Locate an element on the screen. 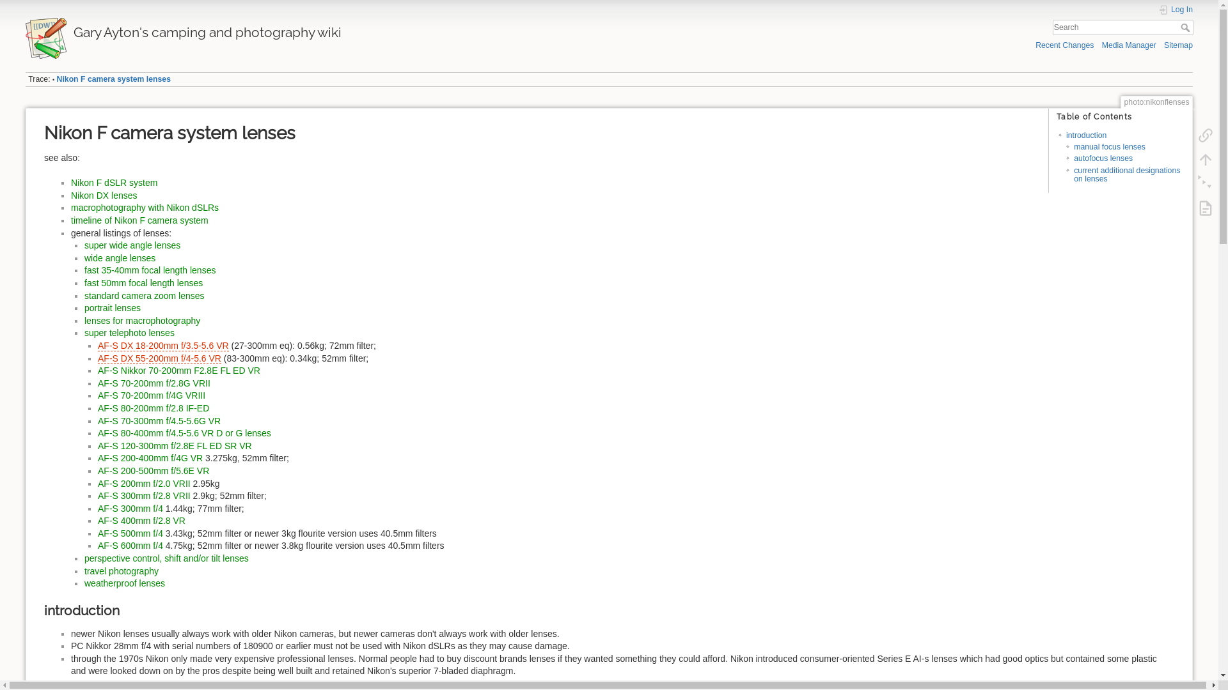  'perspective control, shift and/or tilt lenses' is located at coordinates (166, 558).